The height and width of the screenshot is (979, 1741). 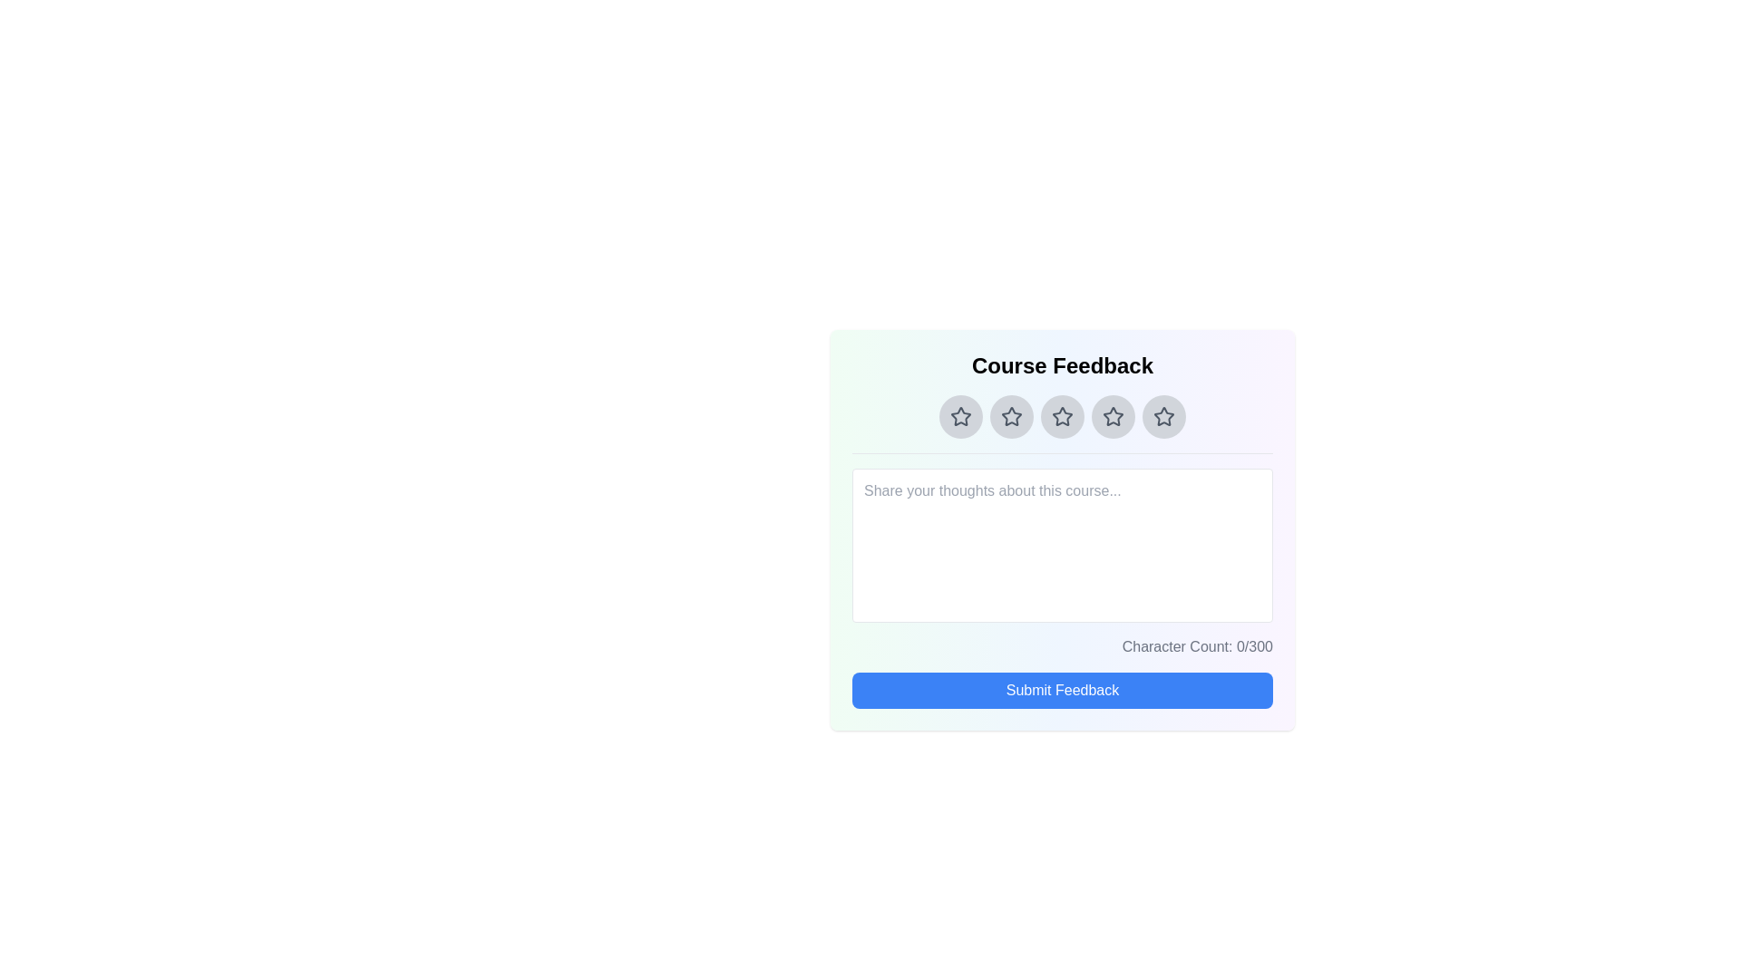 What do you see at coordinates (1062, 544) in the screenshot?
I see `the comment box to select text` at bounding box center [1062, 544].